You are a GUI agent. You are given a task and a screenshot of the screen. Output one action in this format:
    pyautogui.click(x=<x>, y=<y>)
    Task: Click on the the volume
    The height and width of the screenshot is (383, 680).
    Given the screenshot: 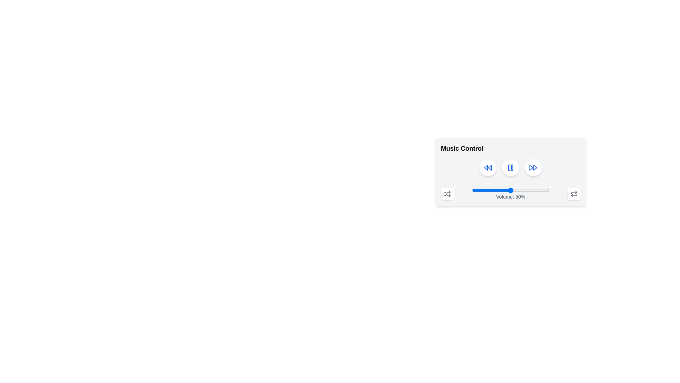 What is the action you would take?
    pyautogui.click(x=477, y=190)
    